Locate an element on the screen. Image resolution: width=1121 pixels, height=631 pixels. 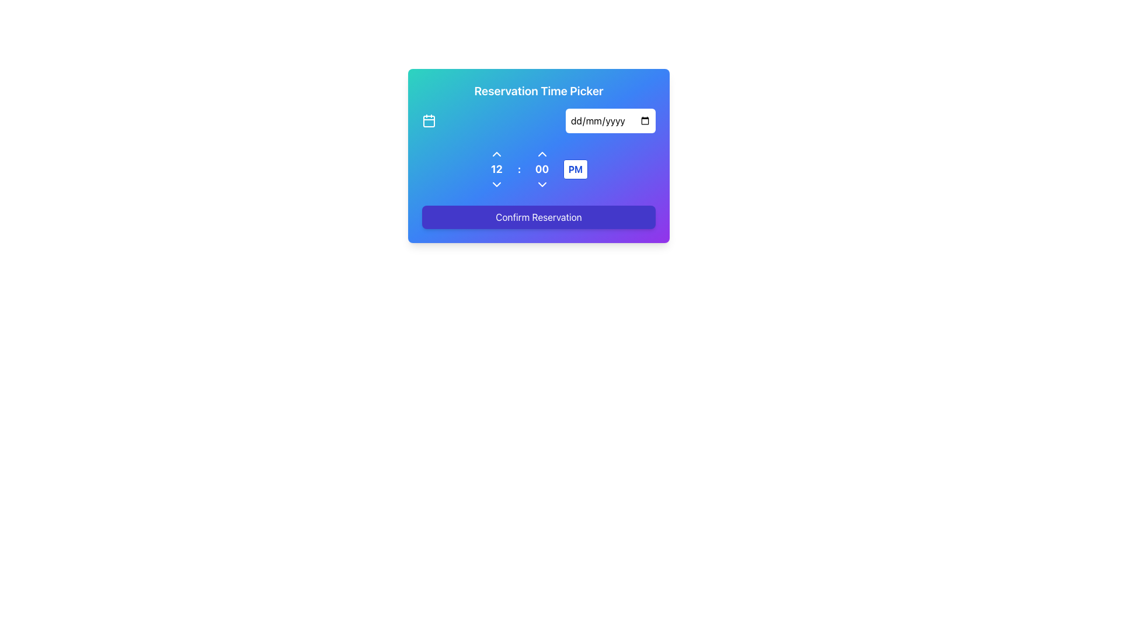
the text display element that shows the current selected value for the minute field in the time picker is located at coordinates (541, 169).